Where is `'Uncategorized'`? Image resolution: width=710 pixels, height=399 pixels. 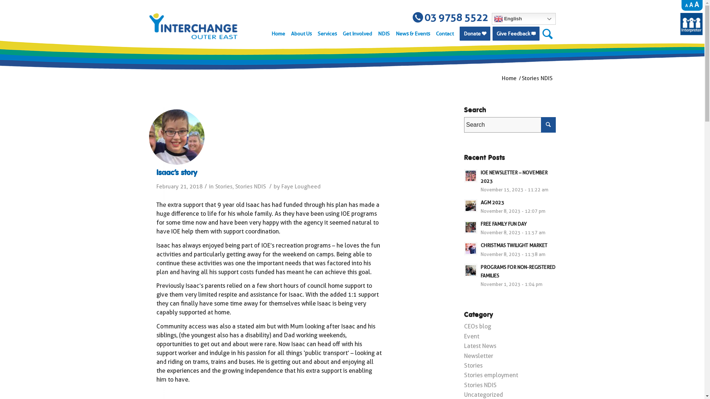 'Uncategorized' is located at coordinates (483, 394).